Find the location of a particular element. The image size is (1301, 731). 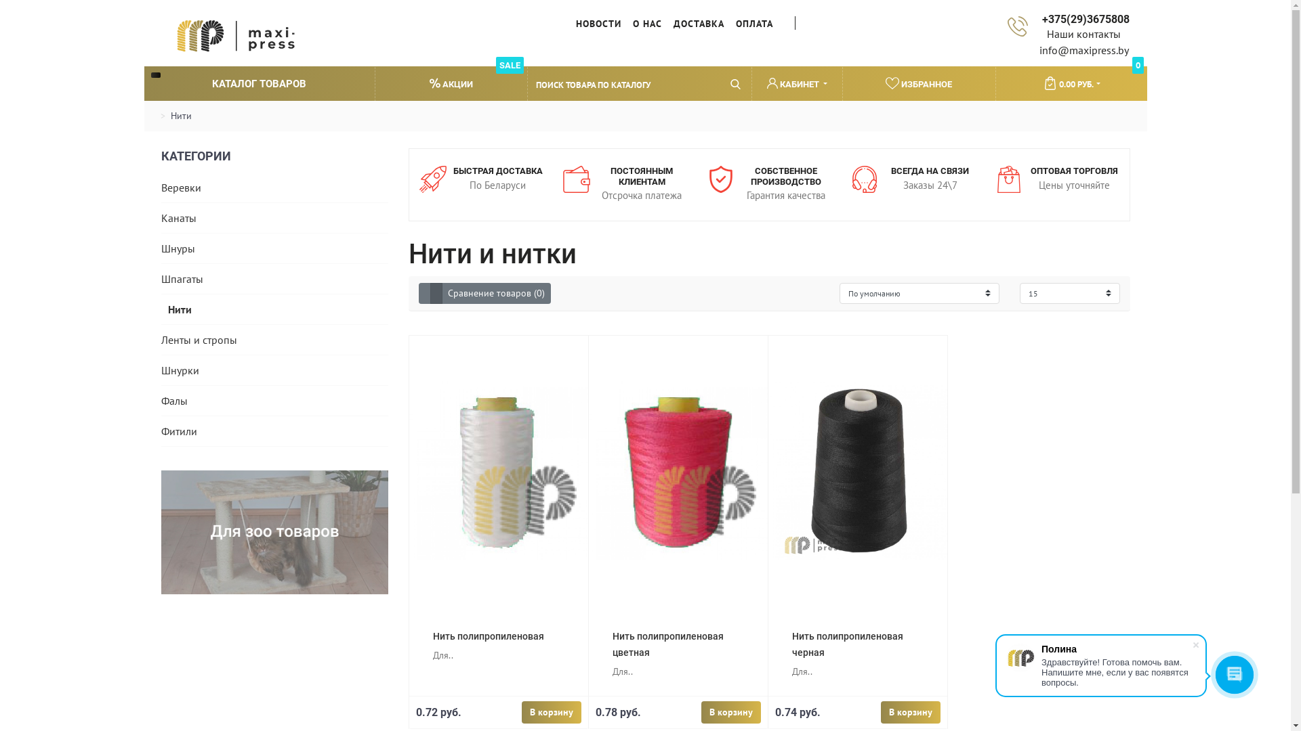

'+375(29)3675808' is located at coordinates (1083, 19).